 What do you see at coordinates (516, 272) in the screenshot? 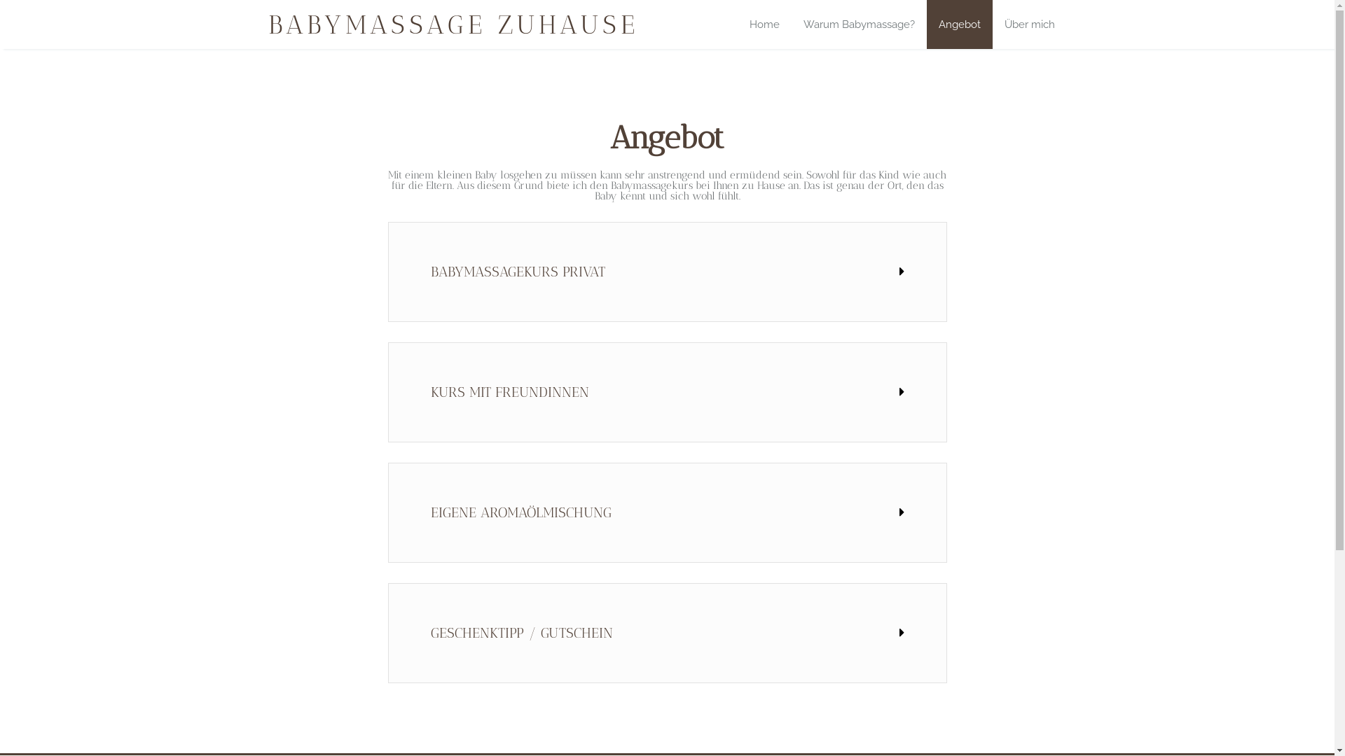
I see `'BABYMASSAGEKURS PRIVAT'` at bounding box center [516, 272].